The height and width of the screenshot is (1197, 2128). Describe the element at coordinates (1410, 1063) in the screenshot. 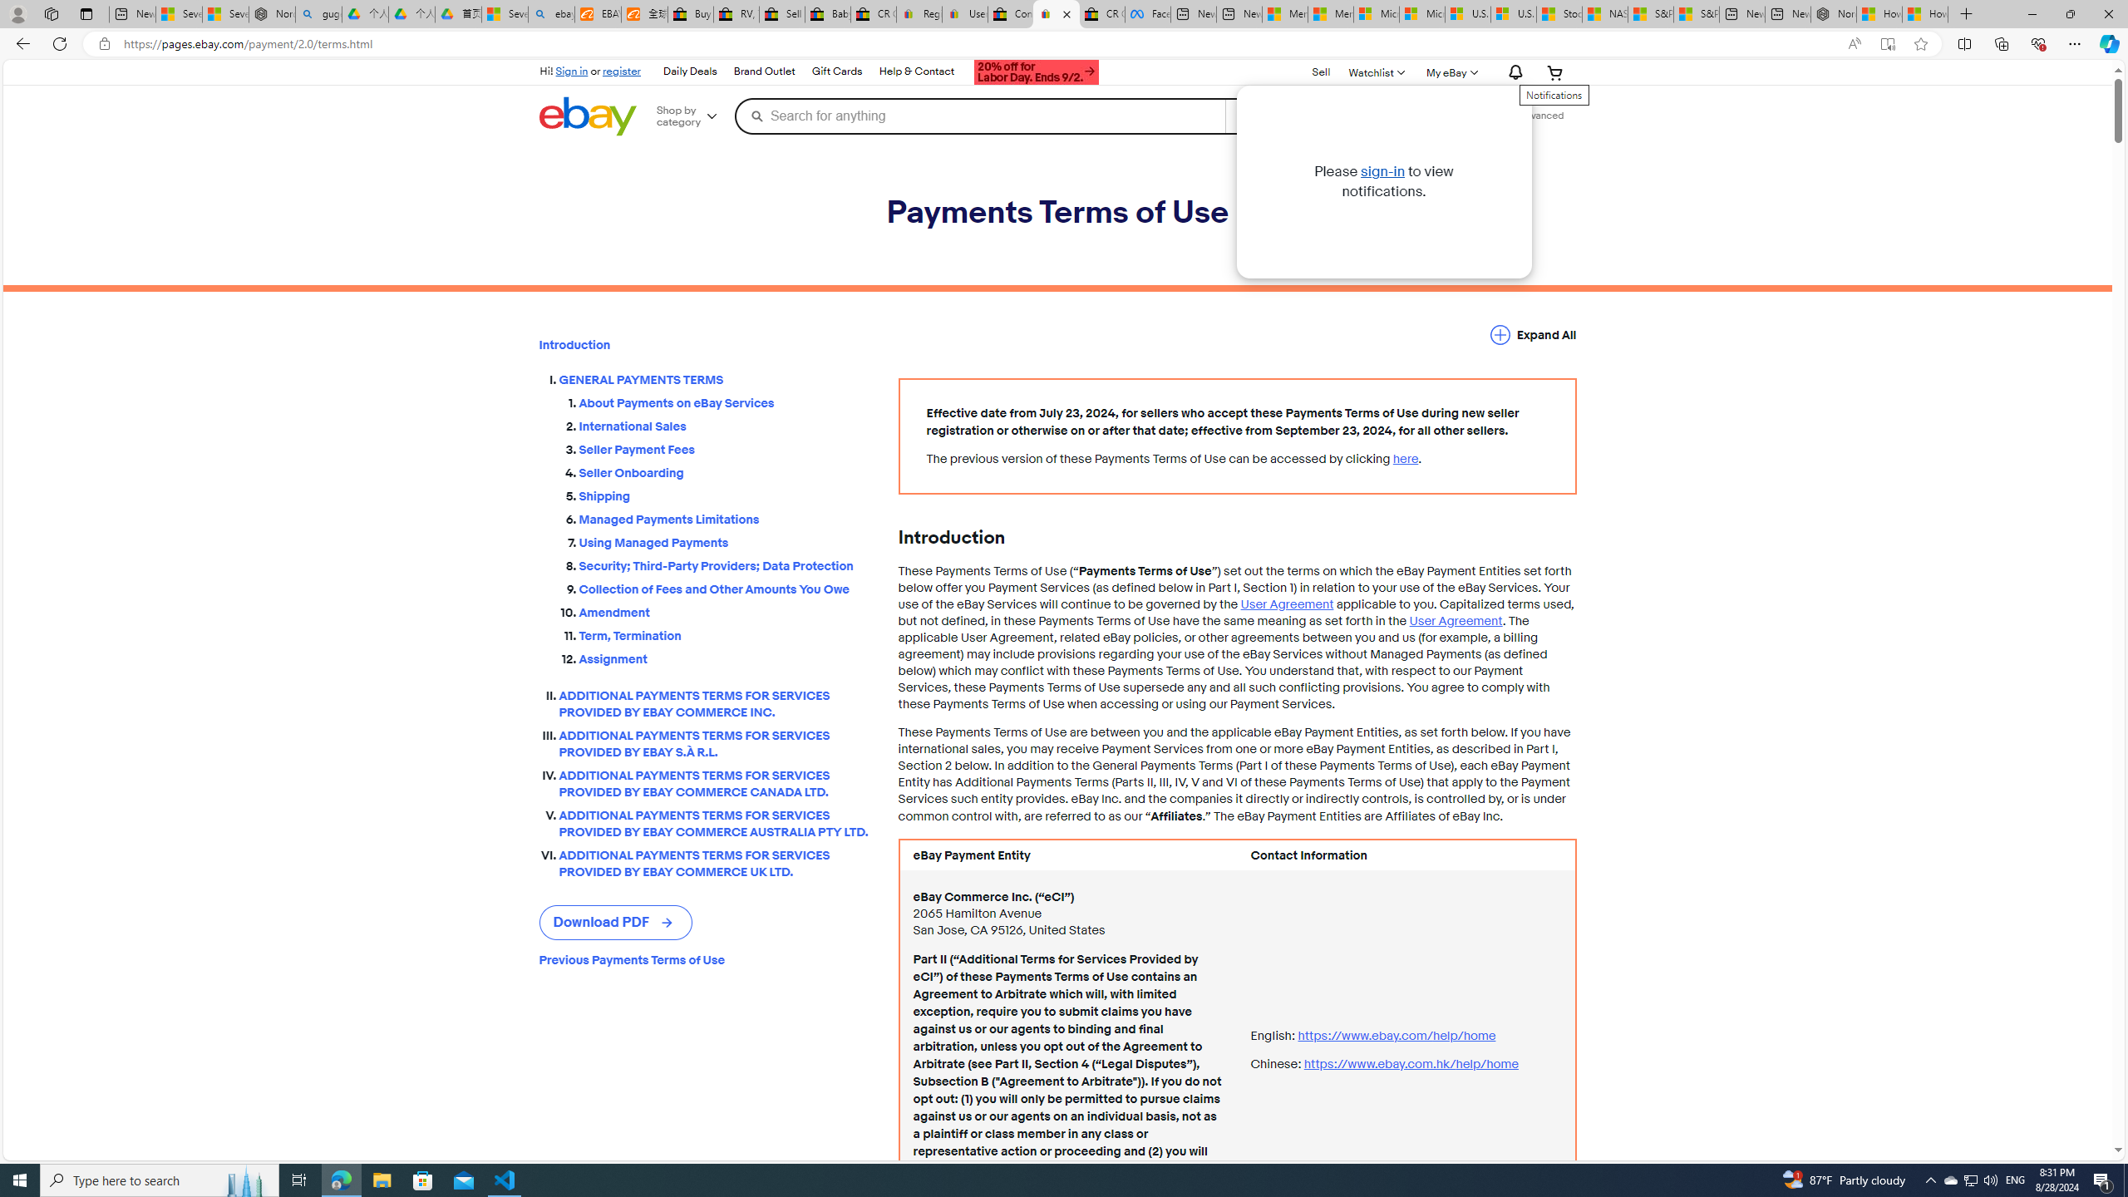

I see `'https://www.ebay.com.hk/ help/home'` at that location.